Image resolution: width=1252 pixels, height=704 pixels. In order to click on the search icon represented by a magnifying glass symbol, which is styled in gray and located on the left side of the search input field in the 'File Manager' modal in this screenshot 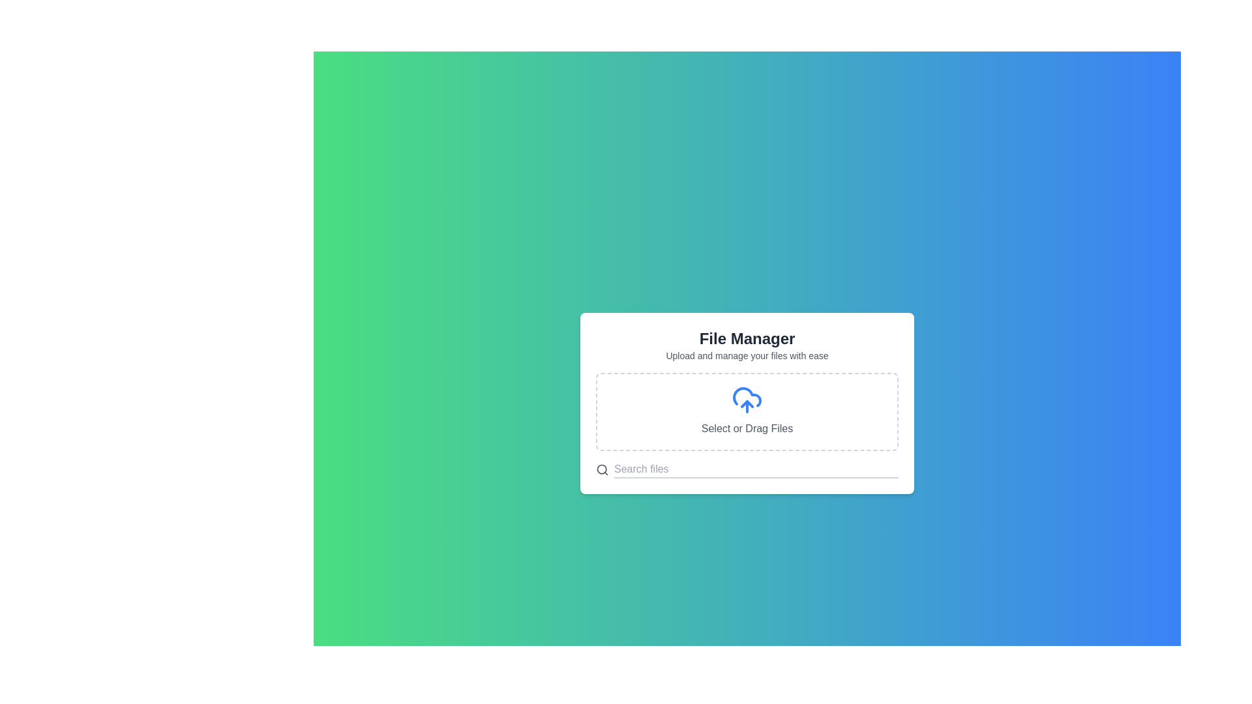, I will do `click(602, 470)`.